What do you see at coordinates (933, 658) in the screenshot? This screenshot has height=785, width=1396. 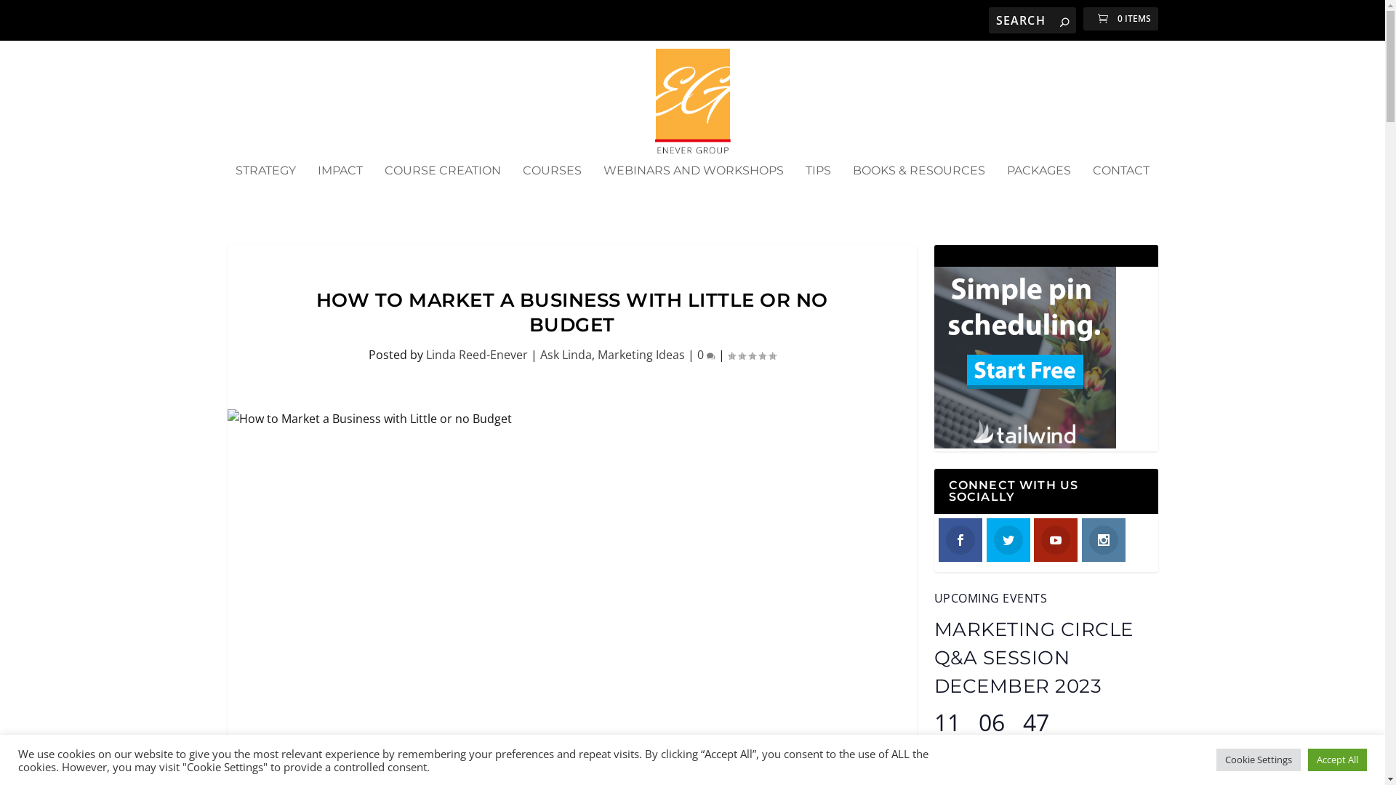 I see `'MARKETING CIRCLE Q&A SESSION DECEMBER 2023'` at bounding box center [933, 658].